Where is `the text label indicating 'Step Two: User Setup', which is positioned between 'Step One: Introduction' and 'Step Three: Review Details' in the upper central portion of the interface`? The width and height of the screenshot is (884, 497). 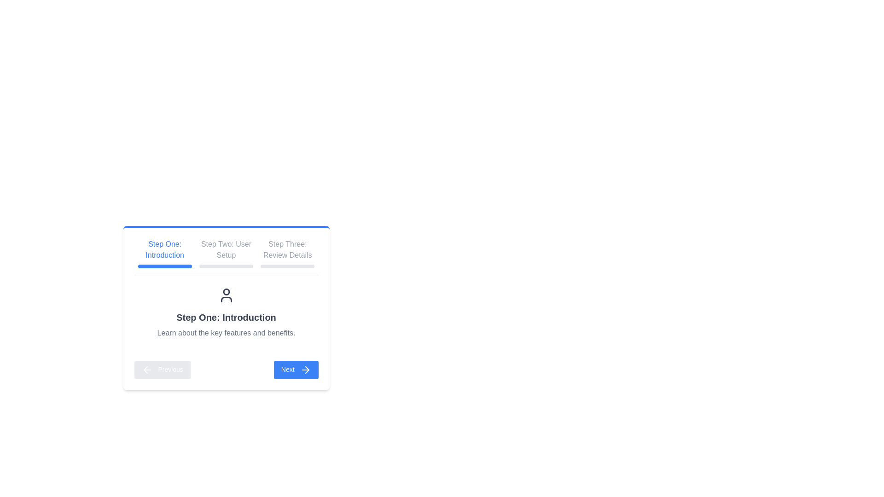
the text label indicating 'Step Two: User Setup', which is positioned between 'Step One: Introduction' and 'Step Three: Review Details' in the upper central portion of the interface is located at coordinates (226, 250).